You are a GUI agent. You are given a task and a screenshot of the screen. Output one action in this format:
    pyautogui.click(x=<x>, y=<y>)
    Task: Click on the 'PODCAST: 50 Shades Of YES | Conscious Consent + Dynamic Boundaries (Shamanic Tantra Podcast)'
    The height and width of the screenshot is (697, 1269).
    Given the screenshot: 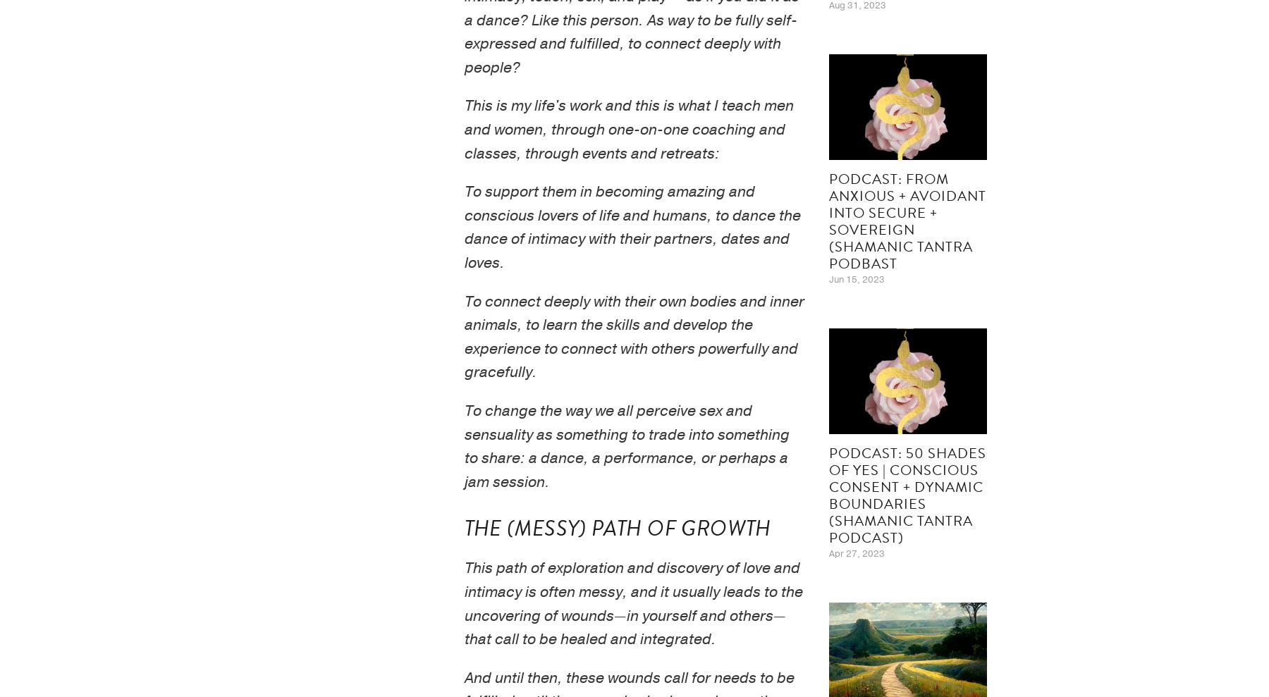 What is the action you would take?
    pyautogui.click(x=828, y=493)
    